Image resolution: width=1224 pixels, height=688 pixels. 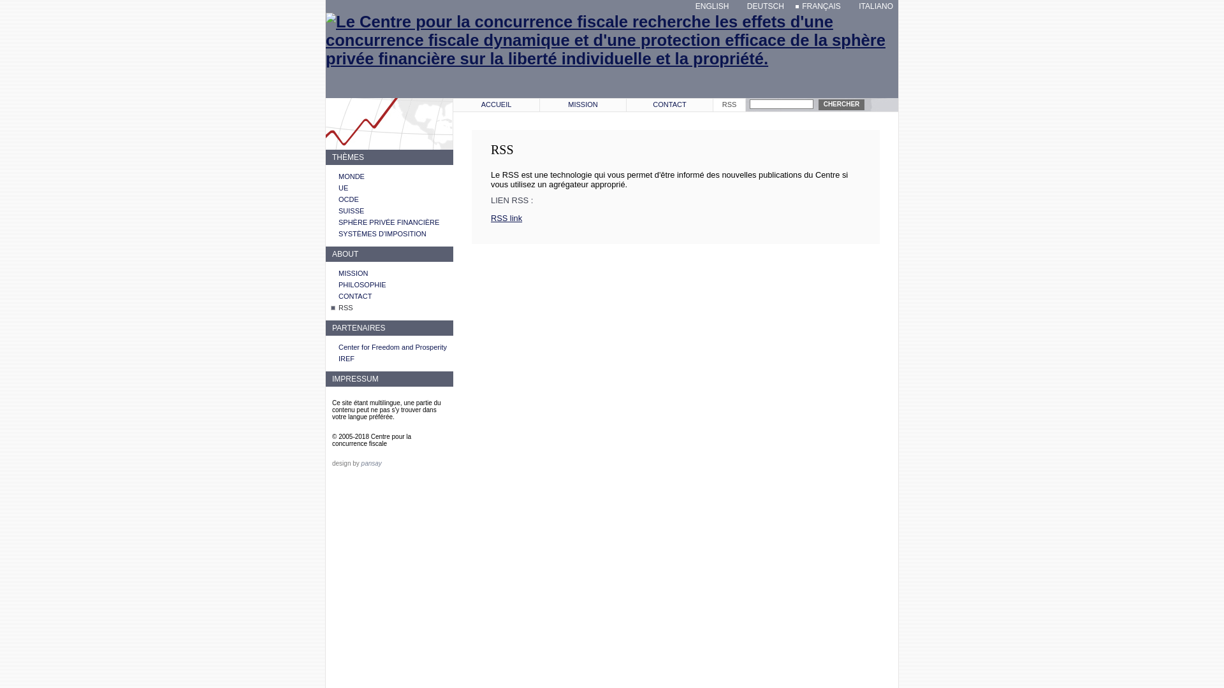 What do you see at coordinates (871, 6) in the screenshot?
I see `'ITALIANO'` at bounding box center [871, 6].